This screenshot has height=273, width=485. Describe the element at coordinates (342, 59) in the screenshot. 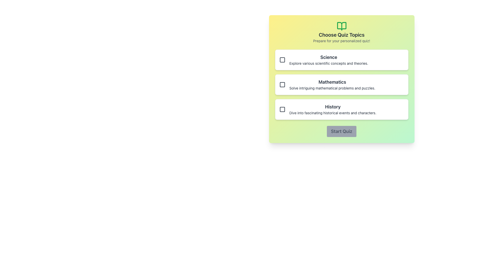

I see `text in the Selectable Option Card labeled 'Science' which includes the header and subtitle` at that location.